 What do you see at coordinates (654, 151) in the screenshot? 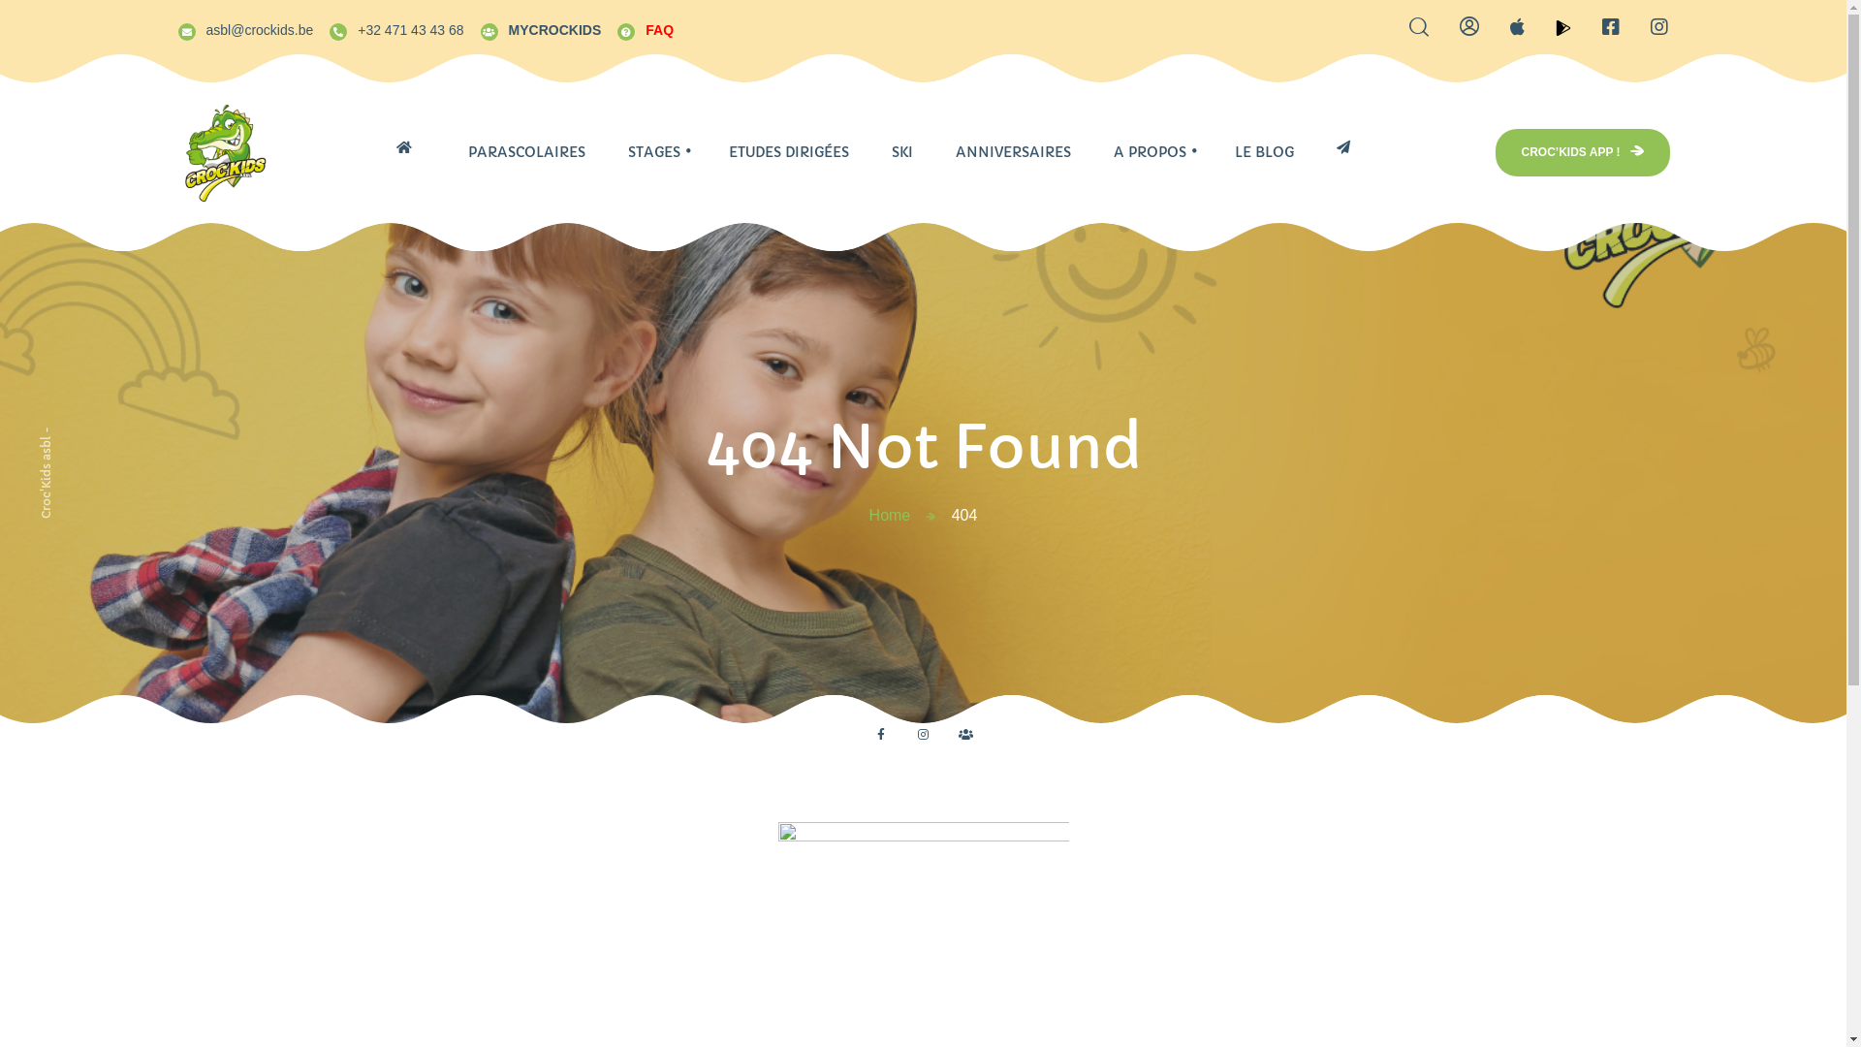
I see `'STAGES'` at bounding box center [654, 151].